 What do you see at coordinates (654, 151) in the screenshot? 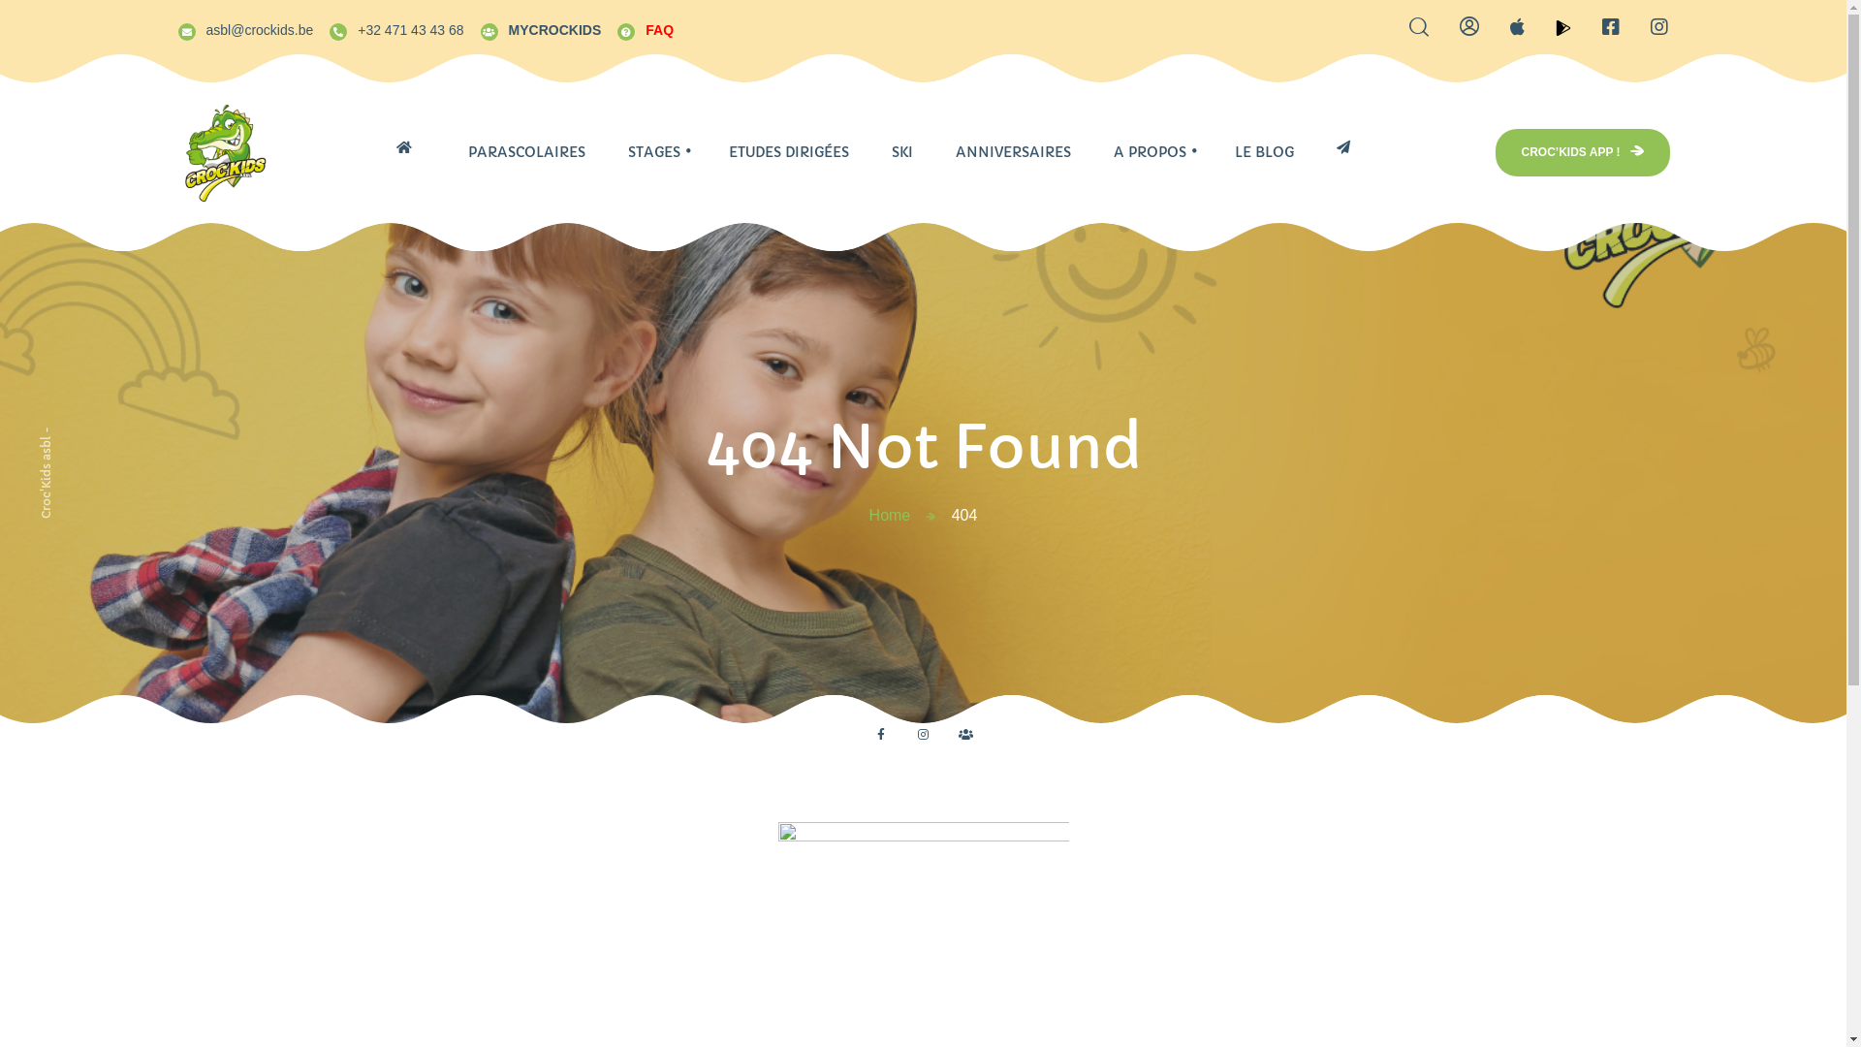
I see `'STAGES'` at bounding box center [654, 151].